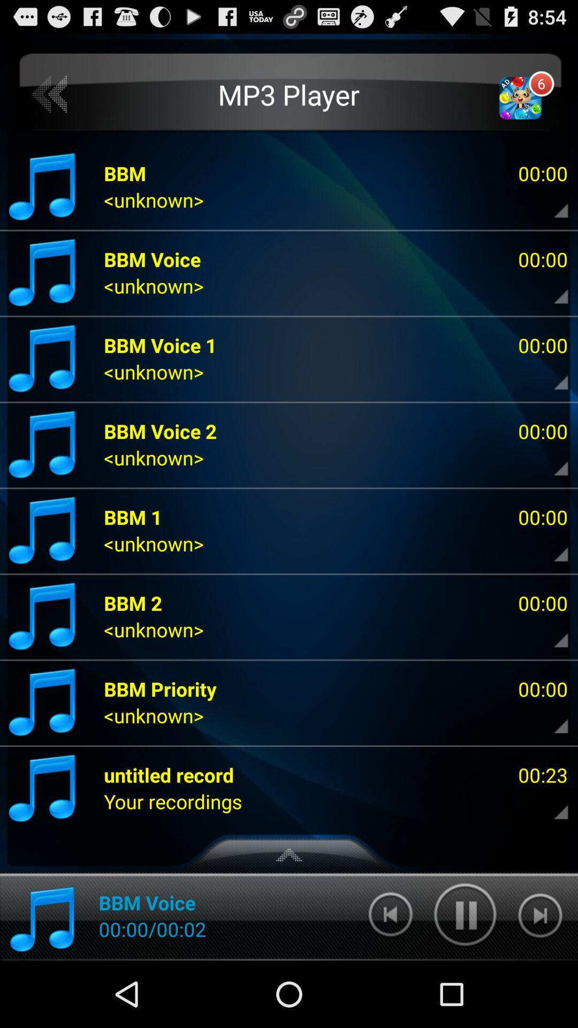 The image size is (578, 1028). I want to click on the icon above bbm voice 1 item, so click(288, 94).